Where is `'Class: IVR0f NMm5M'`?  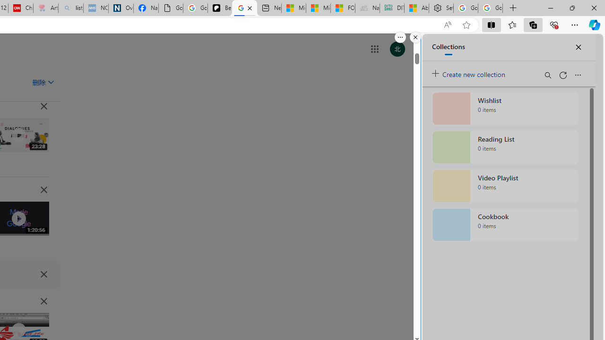 'Class: IVR0f NMm5M' is located at coordinates (18, 330).